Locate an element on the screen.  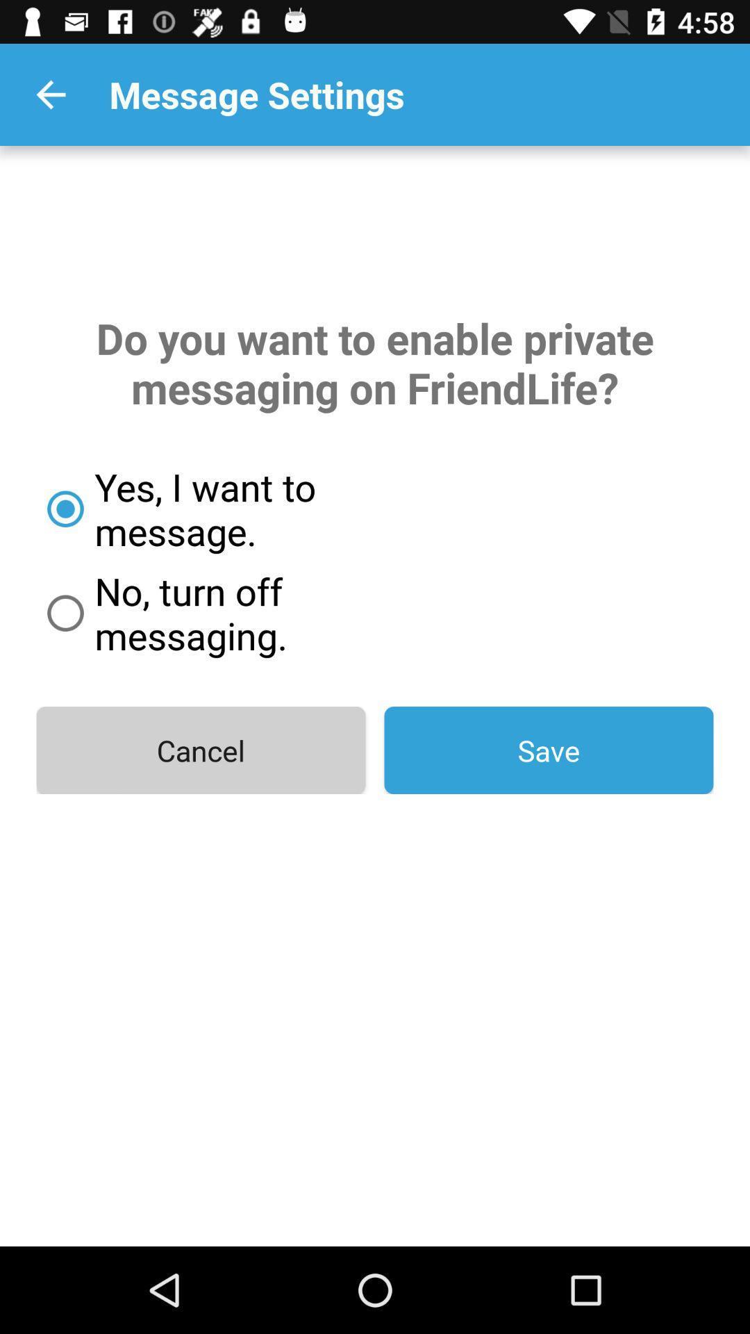
the item next to save is located at coordinates (201, 750).